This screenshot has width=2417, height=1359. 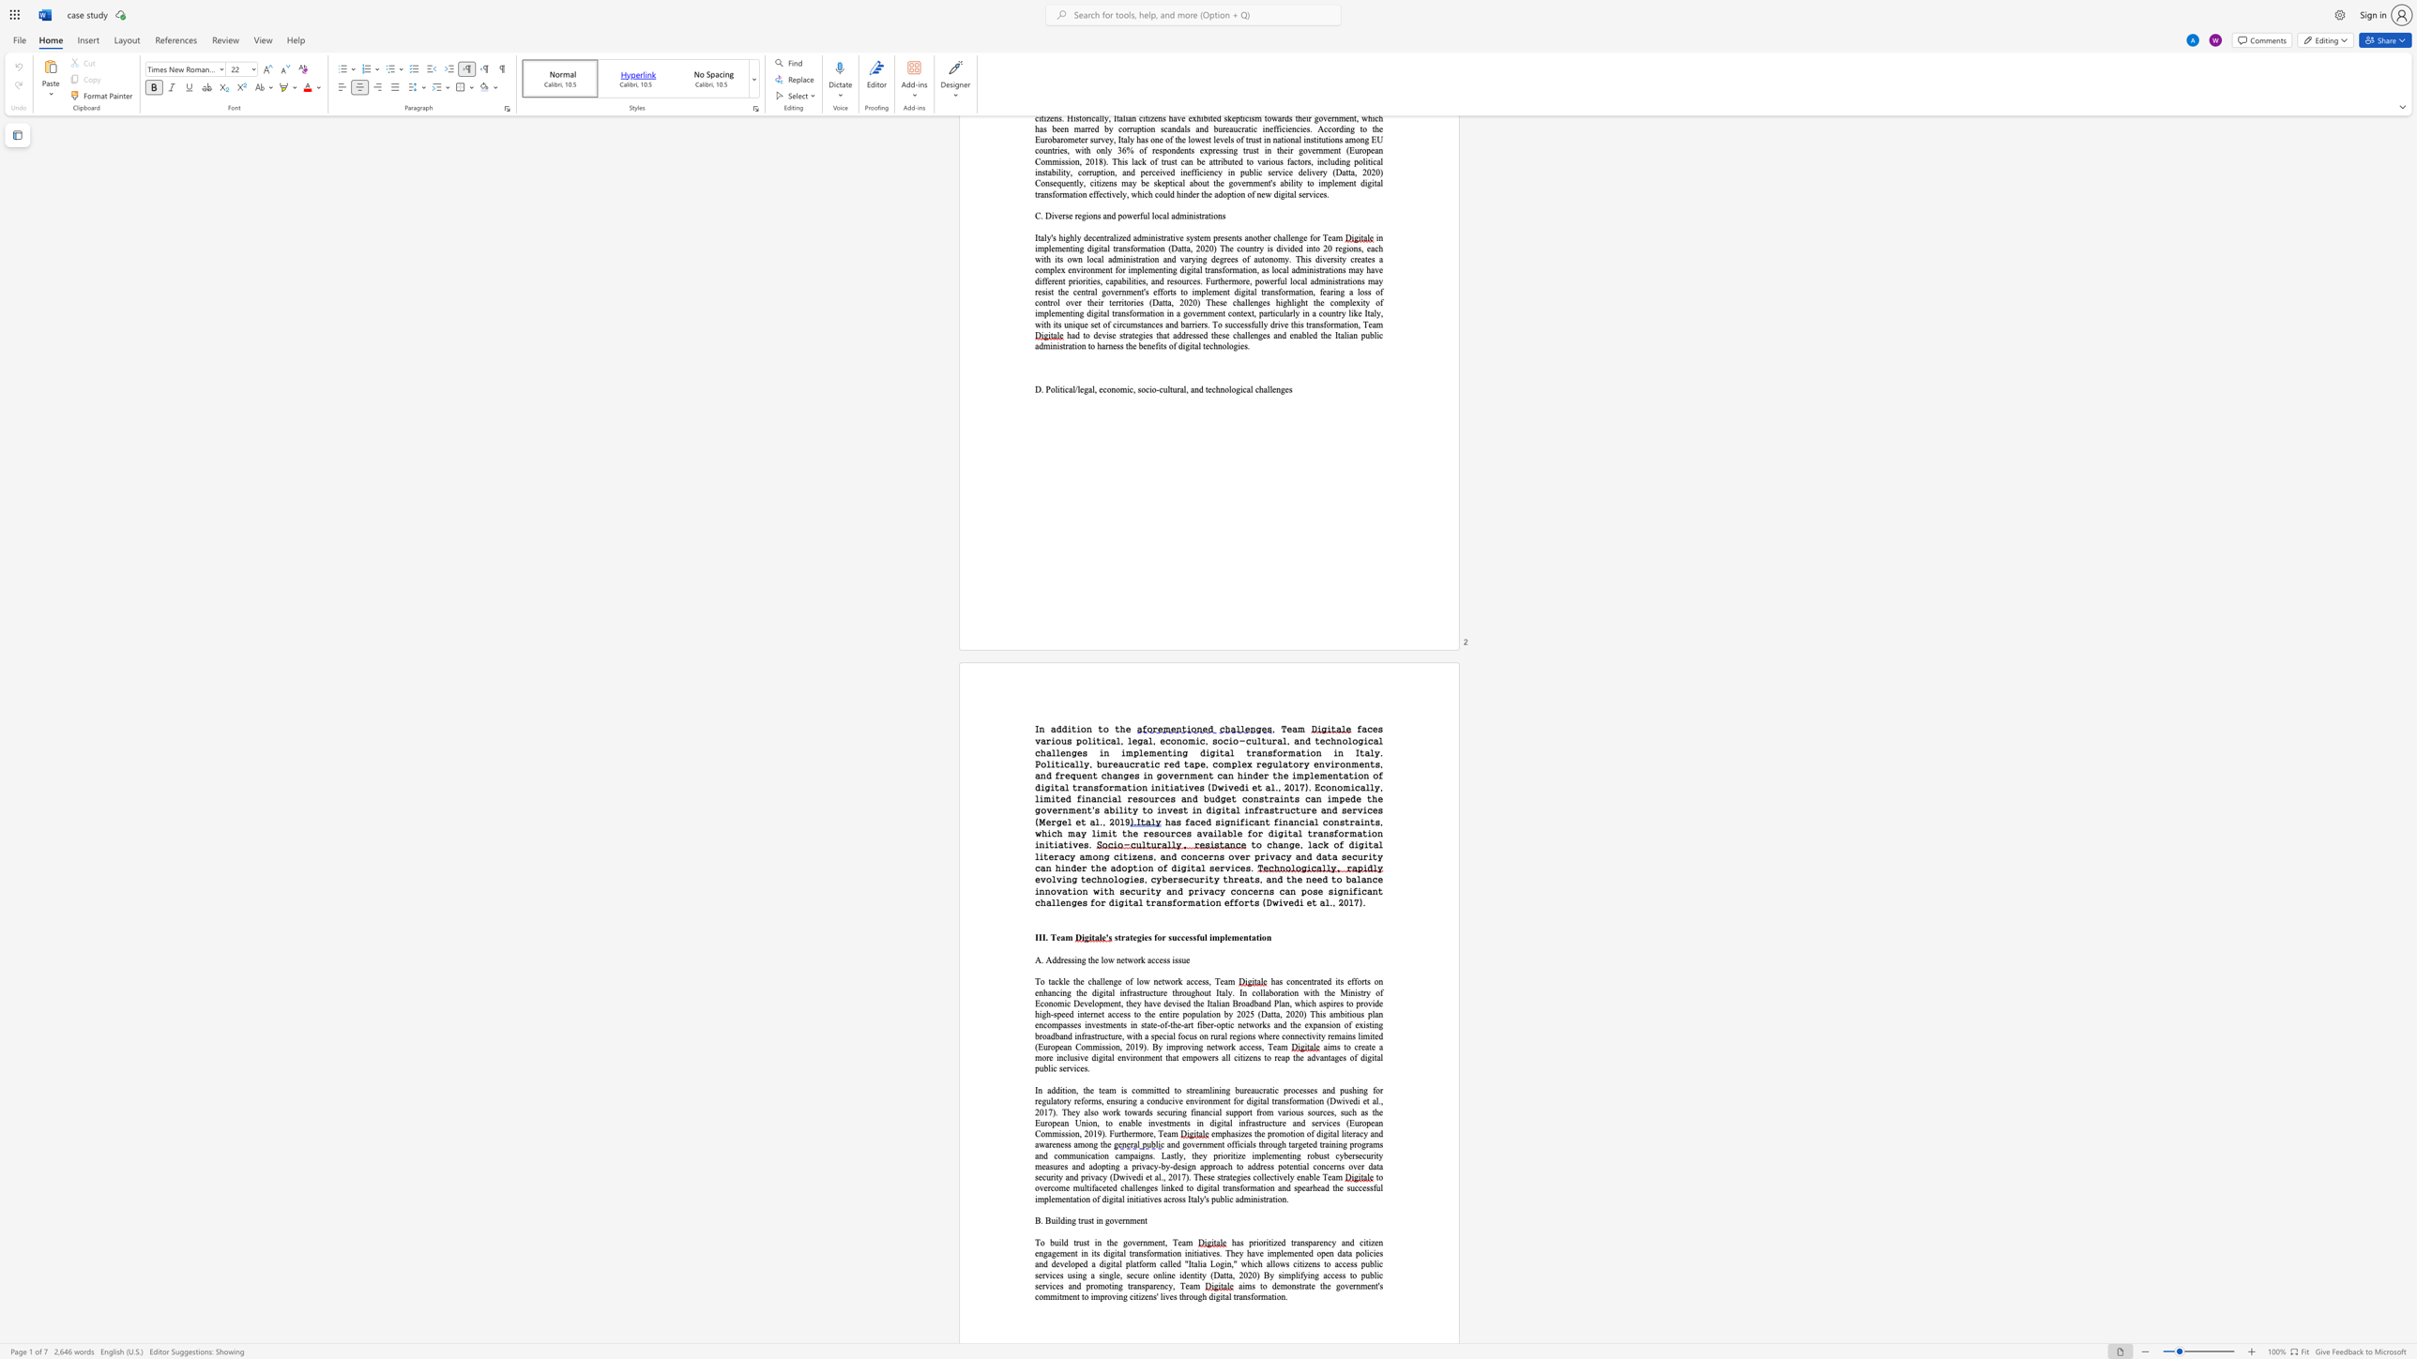 I want to click on the subset text "addition to" within the text "In addition to the", so click(x=1050, y=728).